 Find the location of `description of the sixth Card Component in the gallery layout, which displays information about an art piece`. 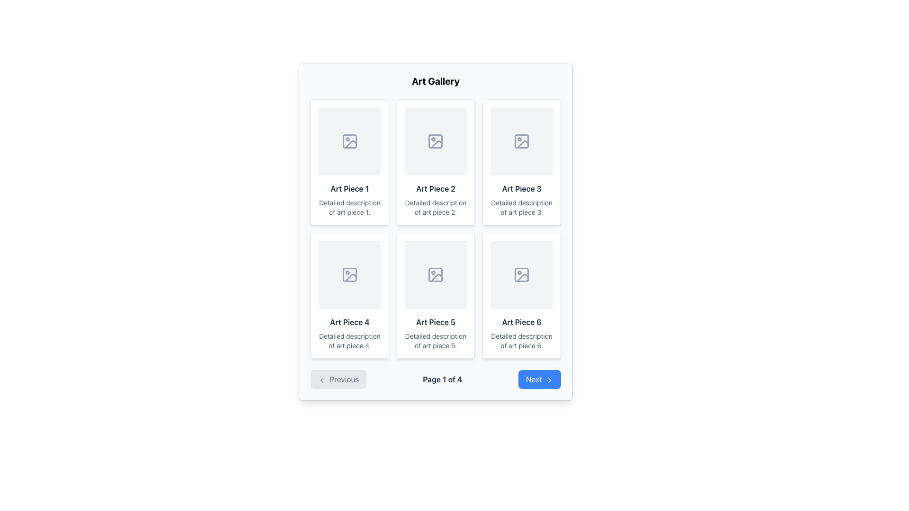

description of the sixth Card Component in the gallery layout, which displays information about an art piece is located at coordinates (521, 295).